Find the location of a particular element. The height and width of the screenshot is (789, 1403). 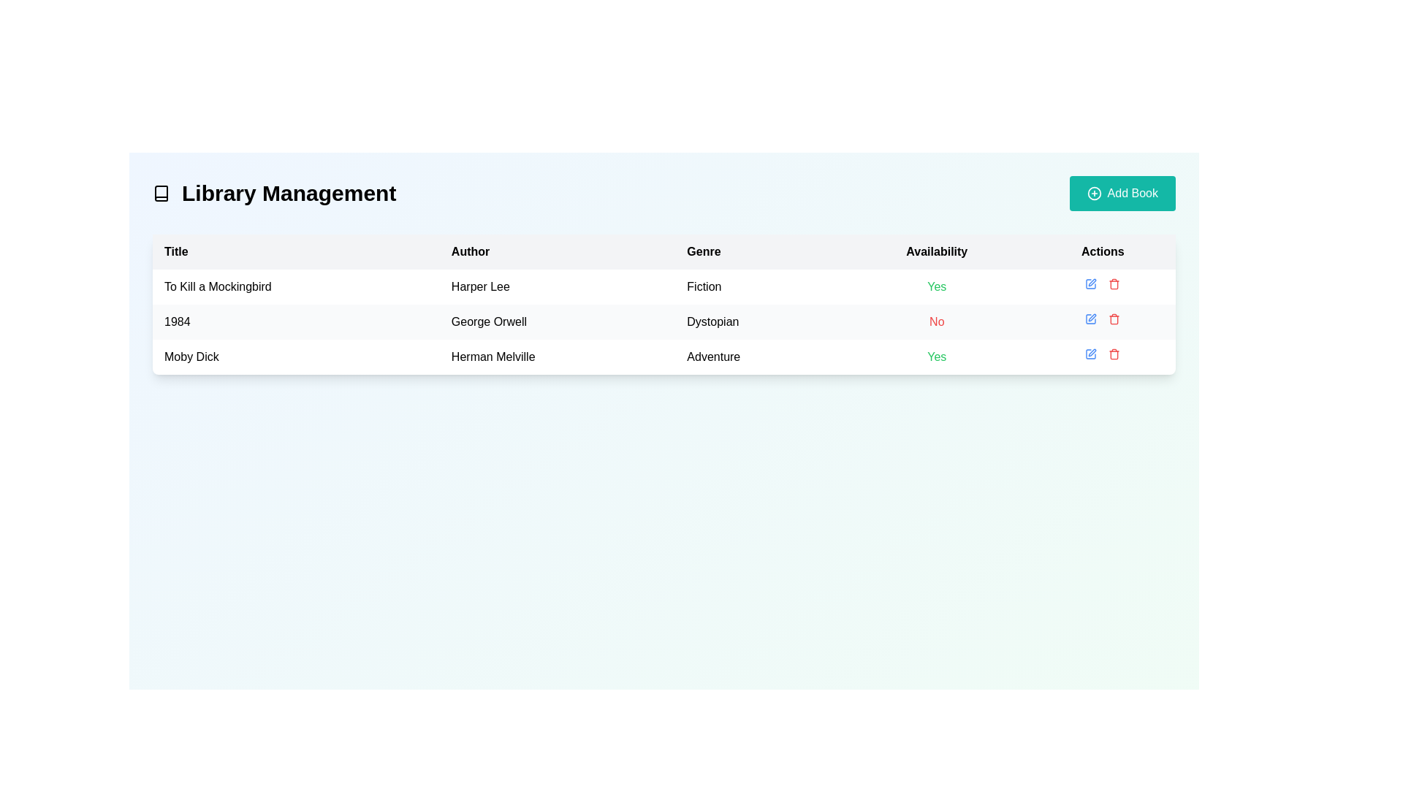

the decorative SVG Circle that represents the 'Add Book' button icon, located in the top-right section of the interface is located at coordinates (1094, 193).